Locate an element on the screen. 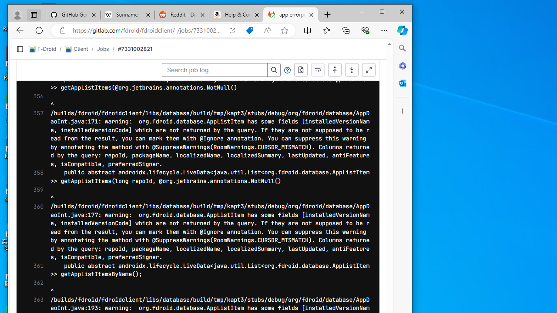 The image size is (557, 313). 'Client' is located at coordinates (77, 49).